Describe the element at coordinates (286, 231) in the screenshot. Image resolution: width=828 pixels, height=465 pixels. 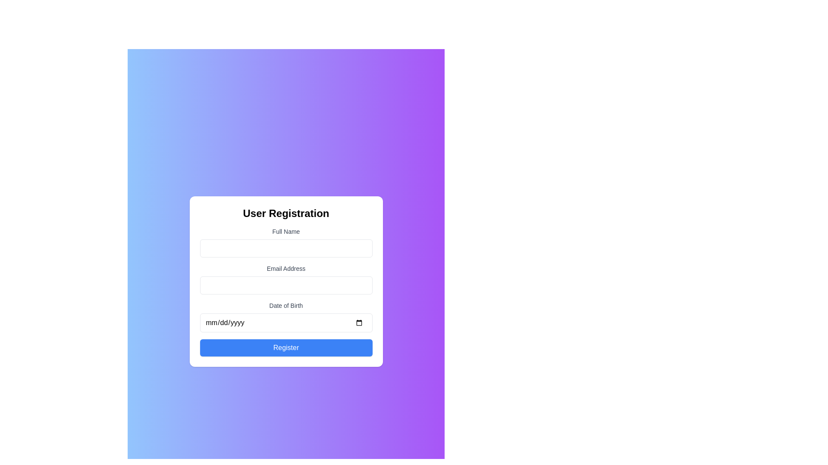
I see `the label that indicates the expected input for the user's full name, which is located at the top of the input field in the user registration form` at that location.